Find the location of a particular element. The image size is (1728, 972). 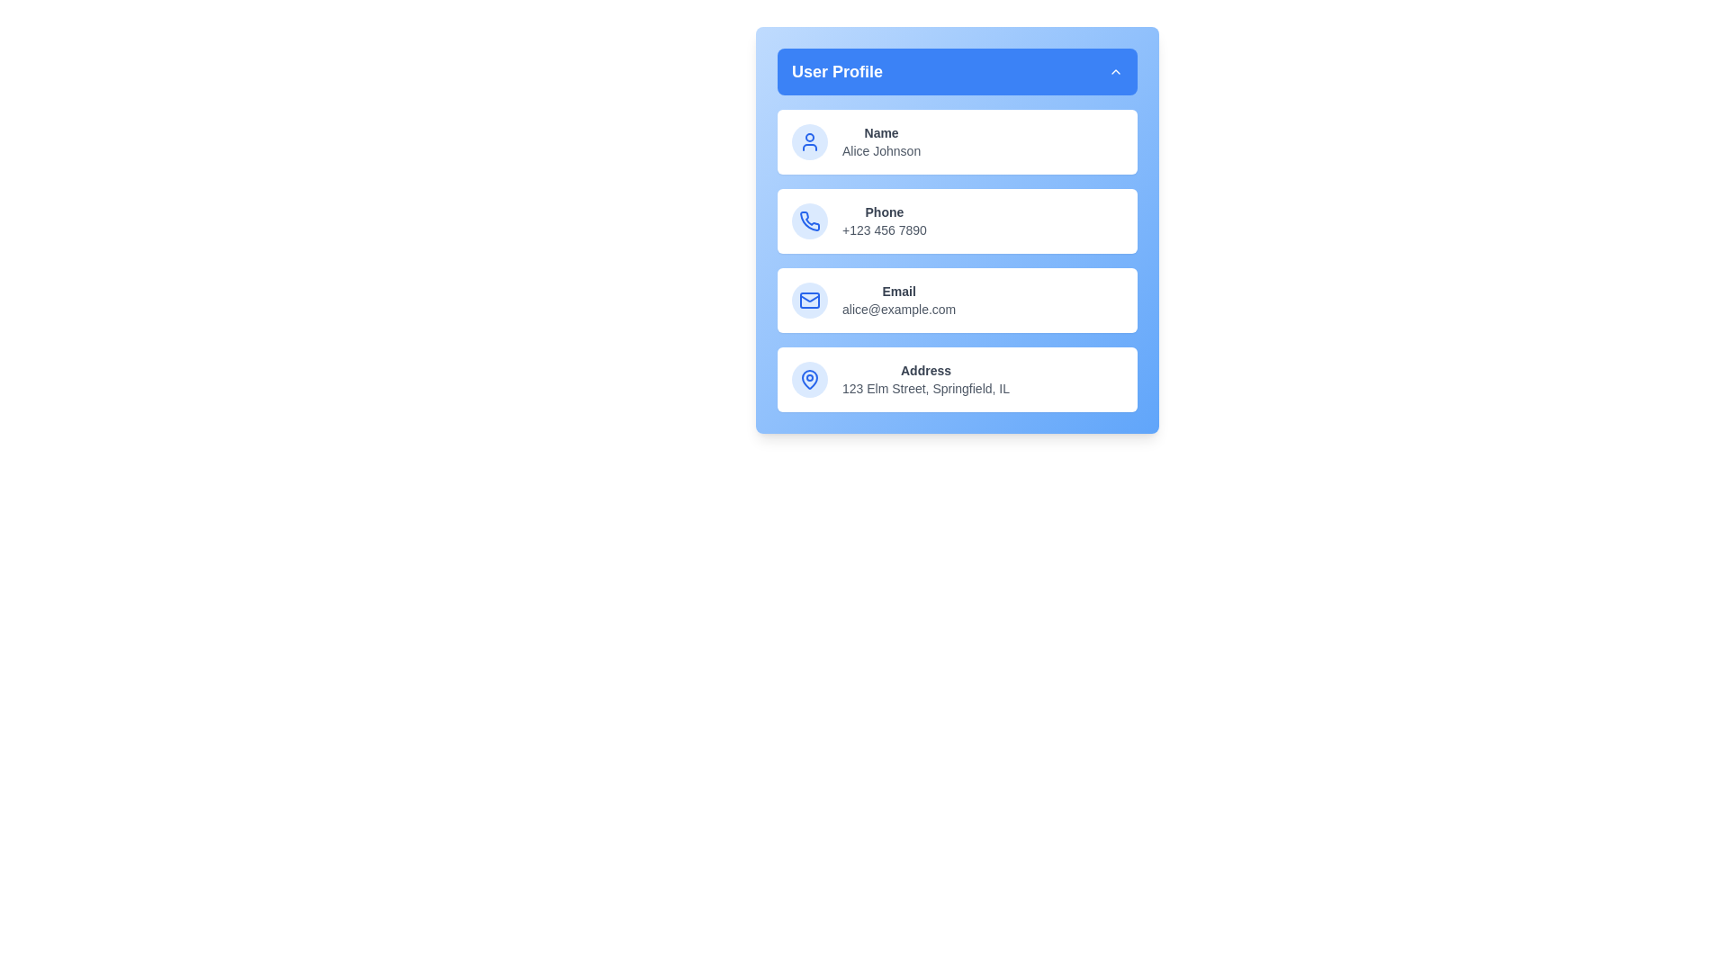

the 'Address' text display element, which shows '123 Elm Street, Springfield, IL' beneath the 'Email' section in the 'User Profile' card is located at coordinates (925, 378).